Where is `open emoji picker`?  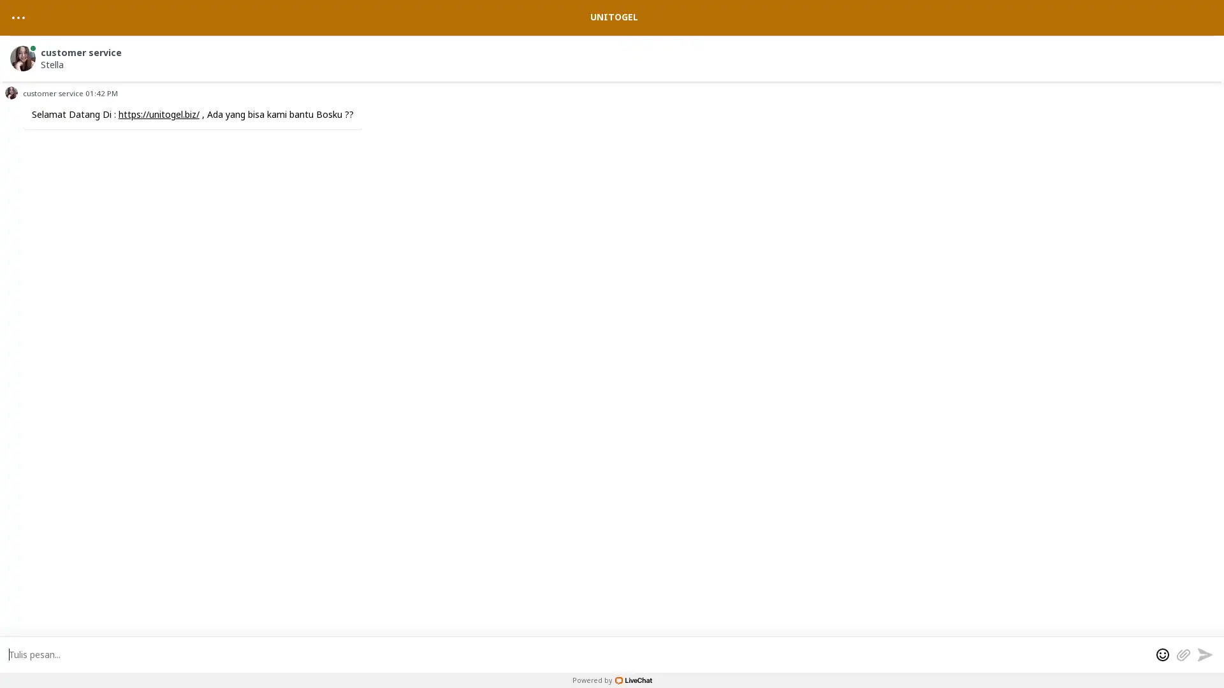 open emoji picker is located at coordinates (1163, 654).